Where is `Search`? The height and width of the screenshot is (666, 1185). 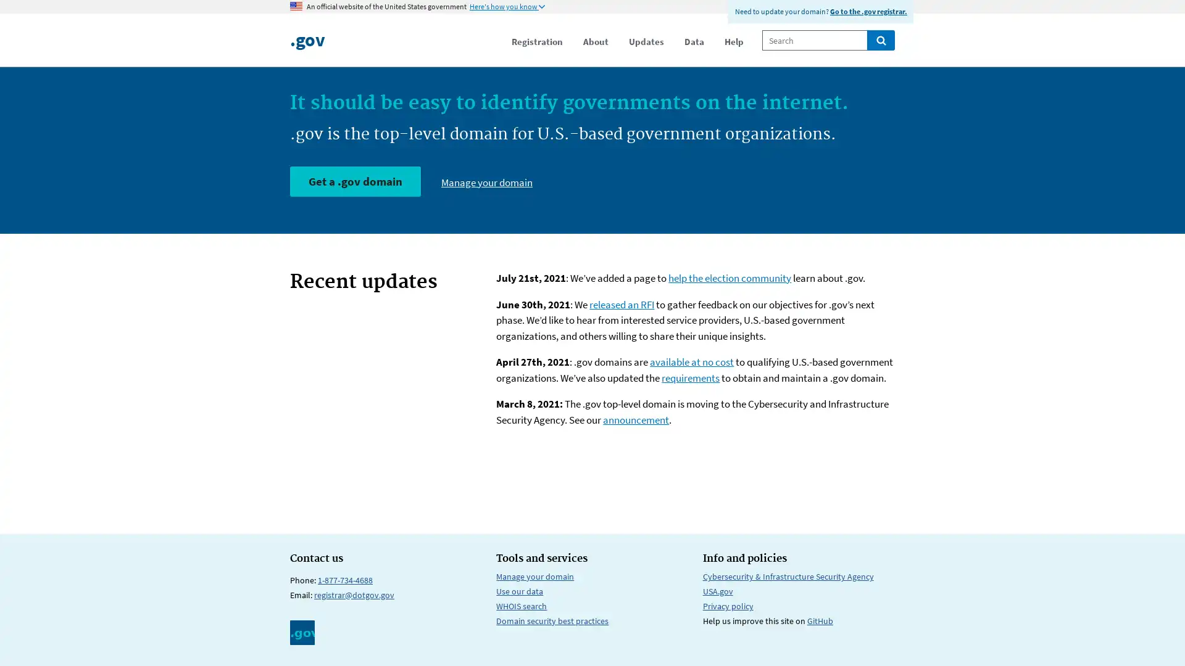 Search is located at coordinates (880, 39).